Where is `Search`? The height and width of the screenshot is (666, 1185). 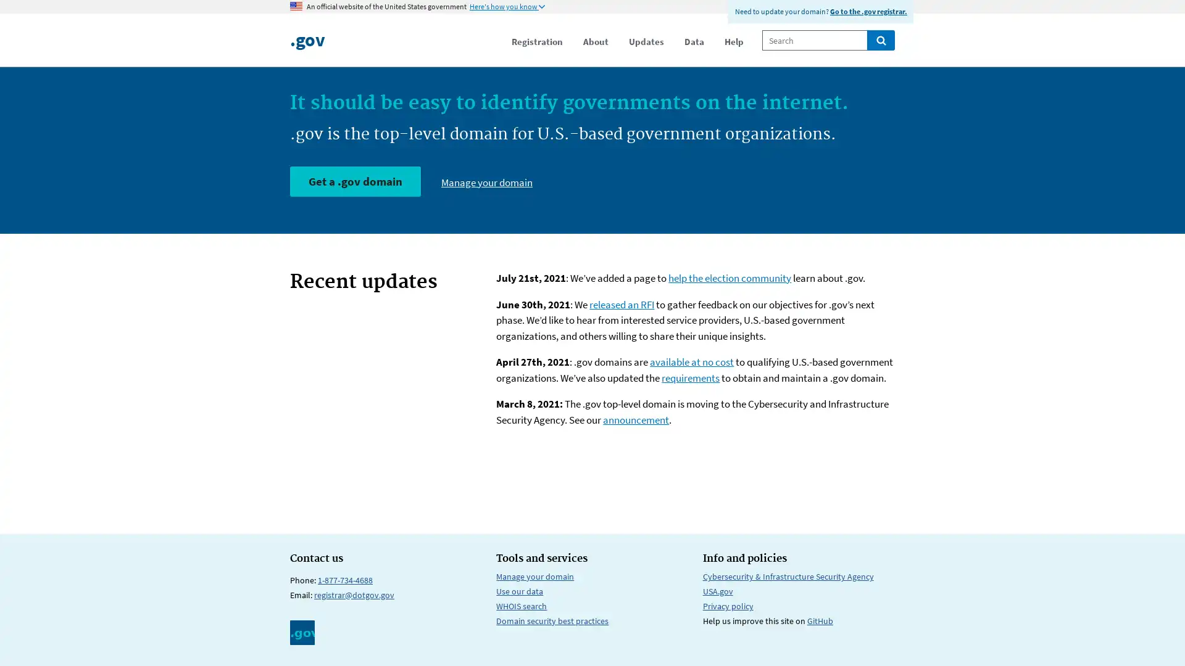 Search is located at coordinates (880, 39).